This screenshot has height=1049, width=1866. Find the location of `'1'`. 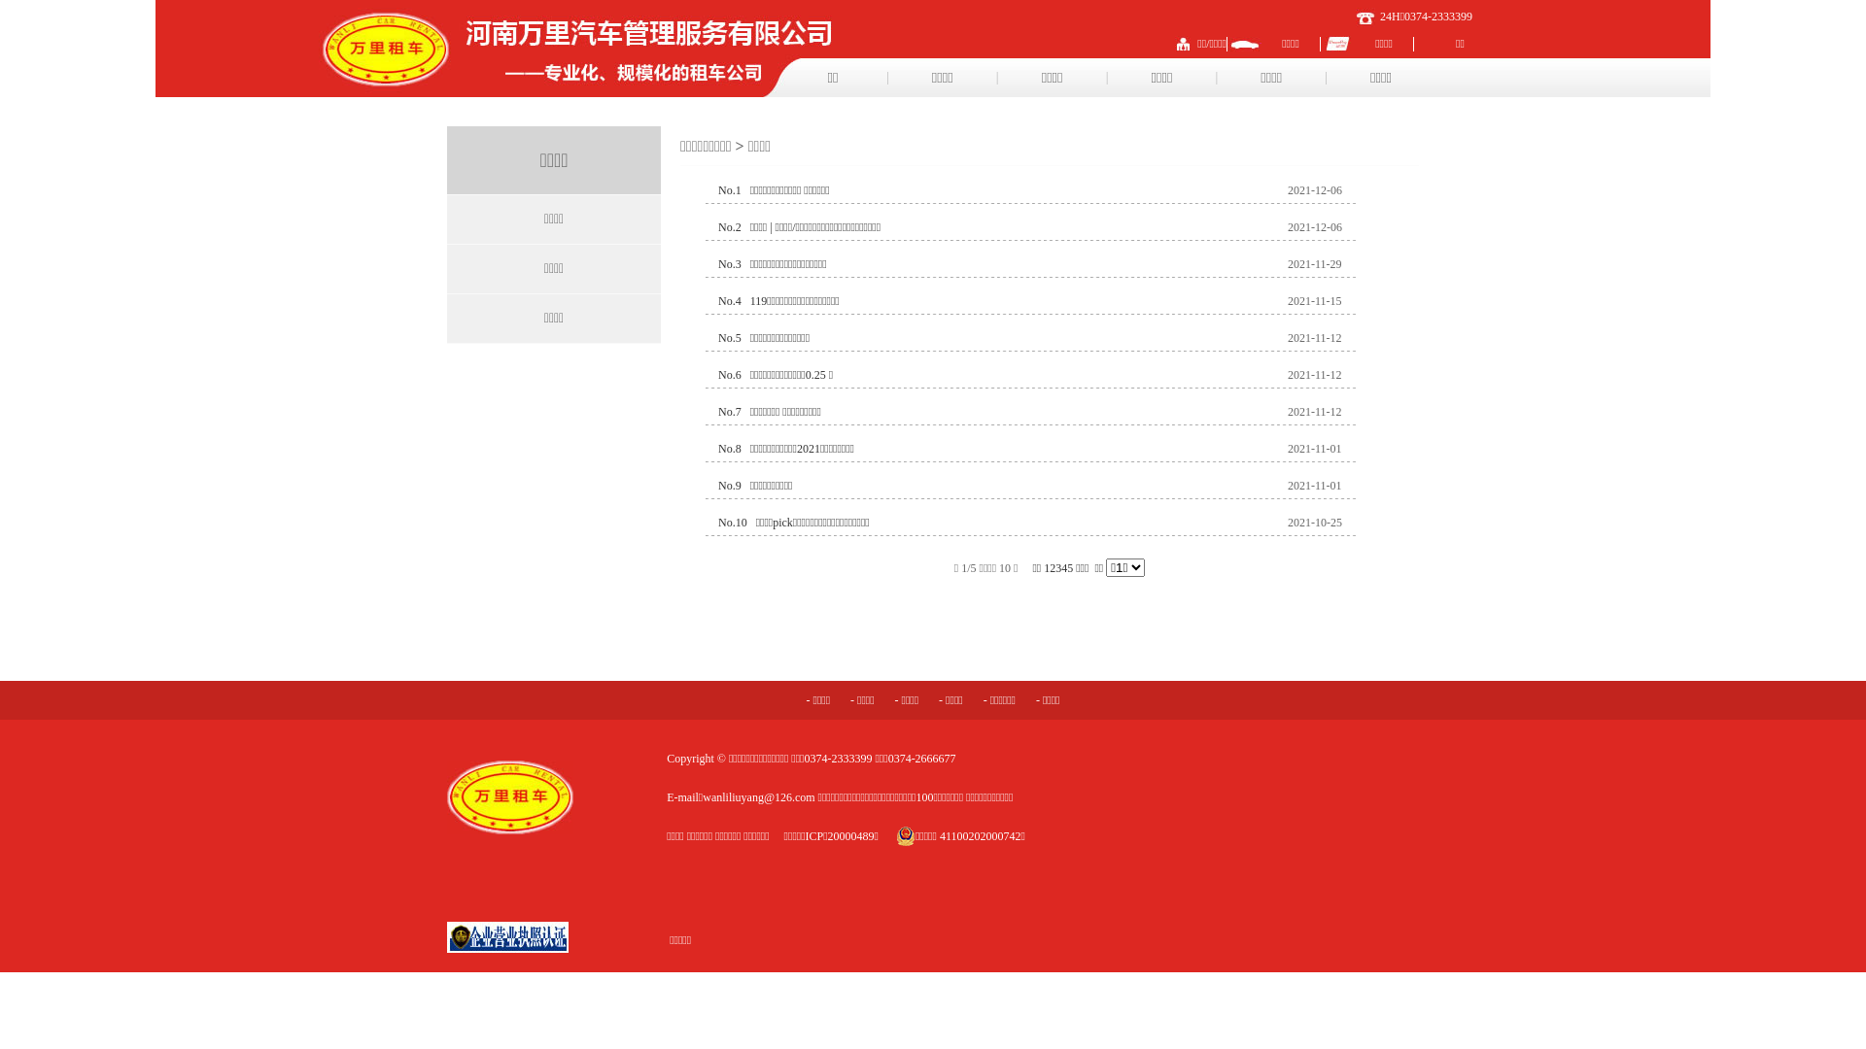

'1' is located at coordinates (1045, 568).